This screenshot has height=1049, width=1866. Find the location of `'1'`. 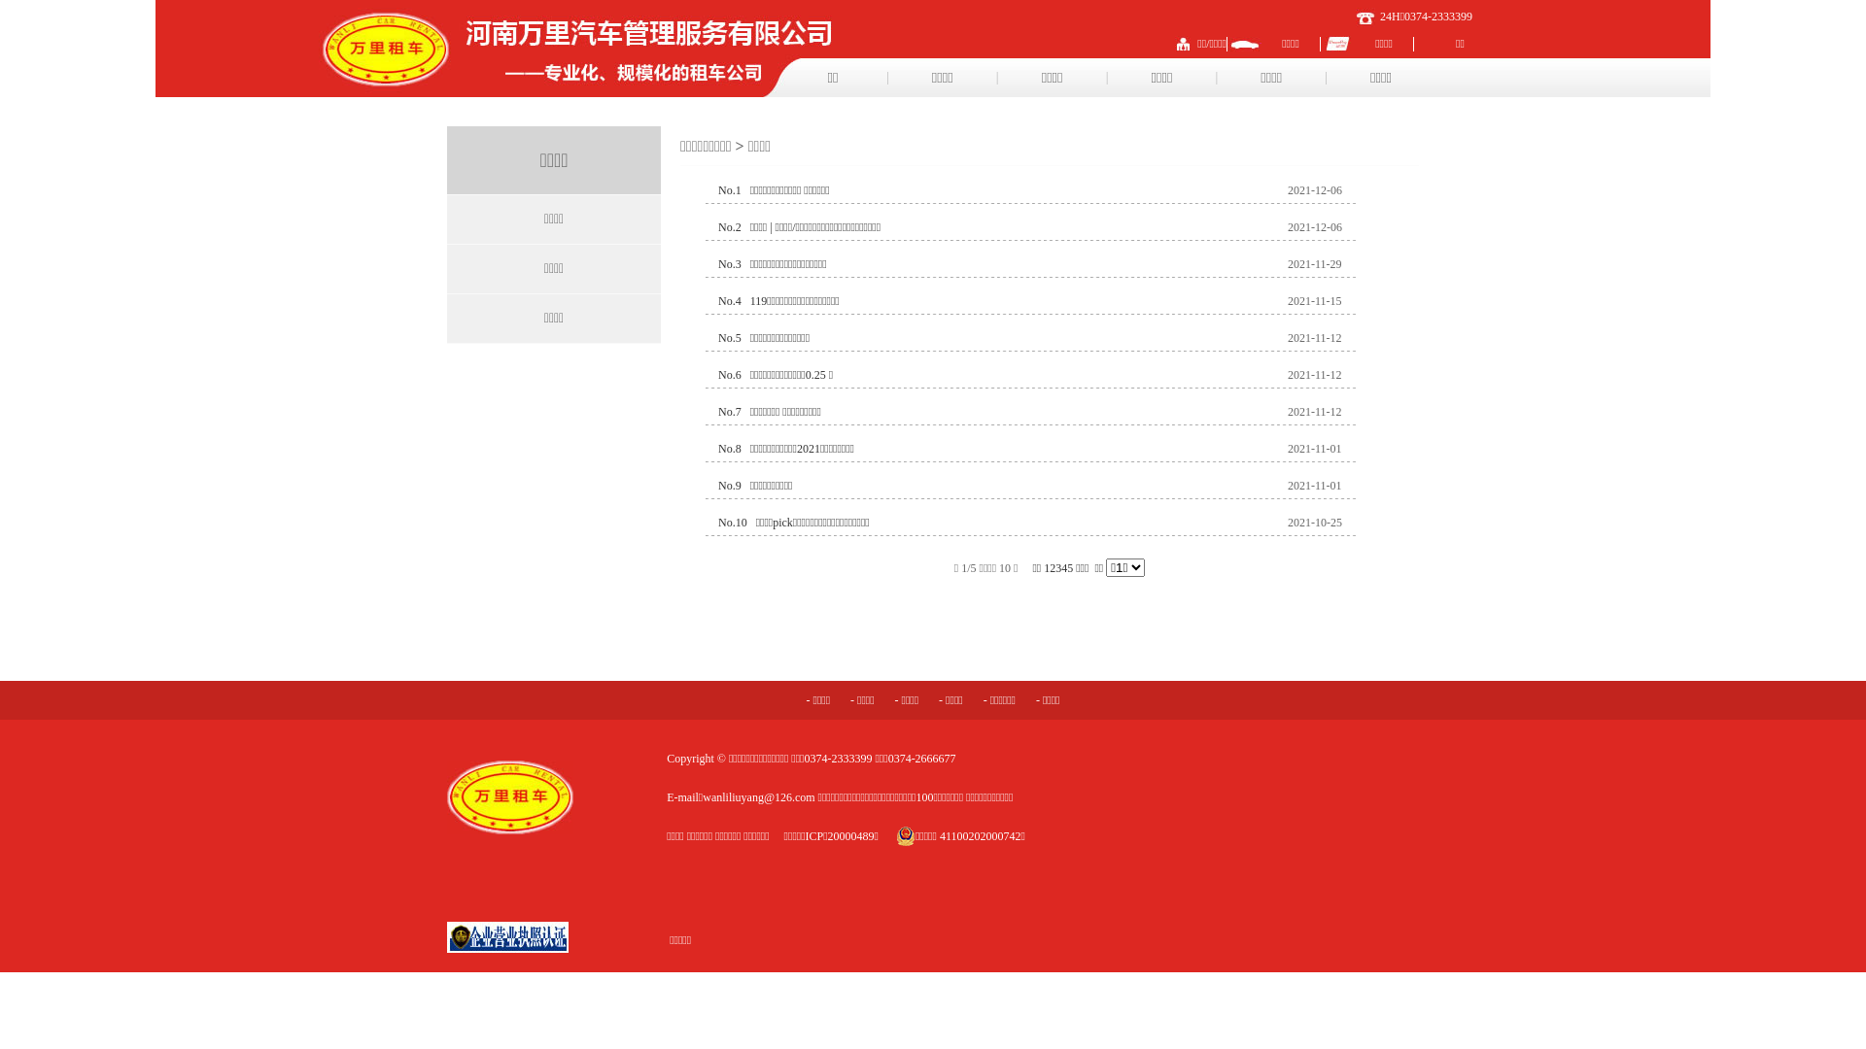

'1' is located at coordinates (1045, 568).